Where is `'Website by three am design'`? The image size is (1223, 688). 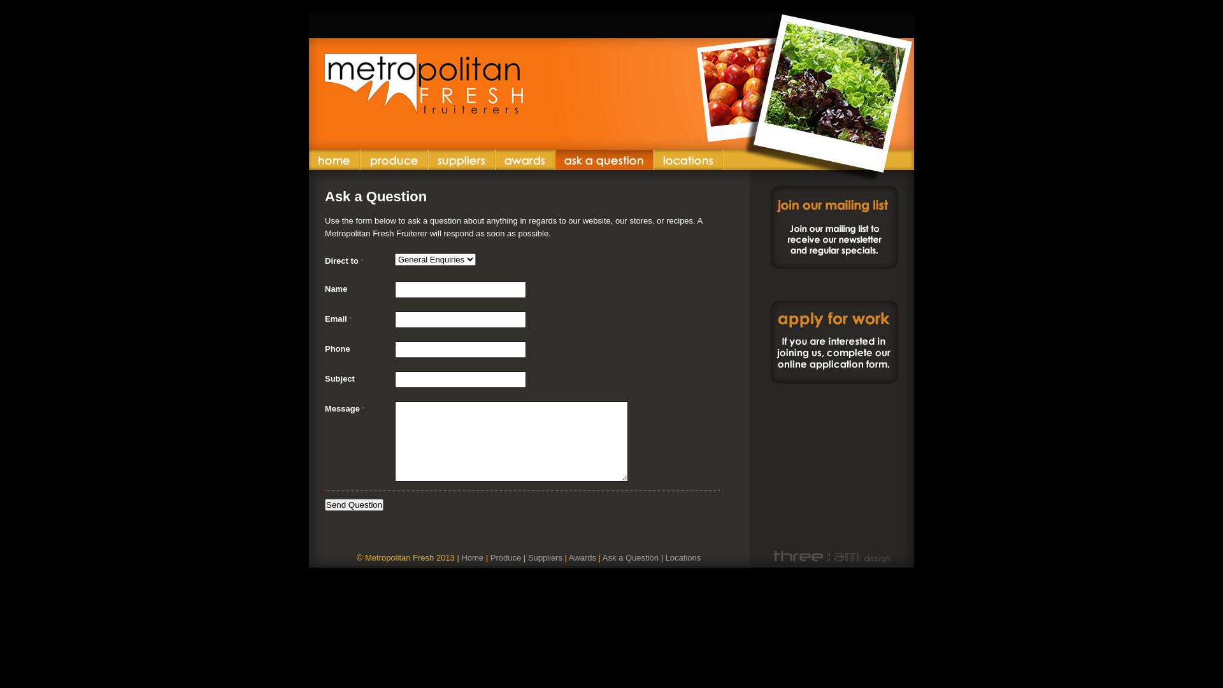
'Website by three am design' is located at coordinates (838, 557).